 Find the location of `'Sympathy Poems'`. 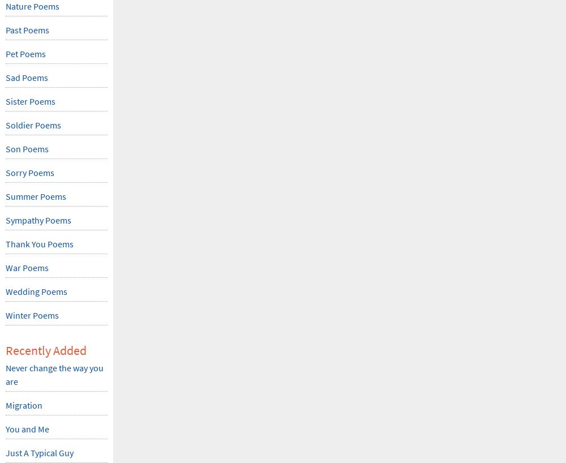

'Sympathy Poems' is located at coordinates (38, 220).